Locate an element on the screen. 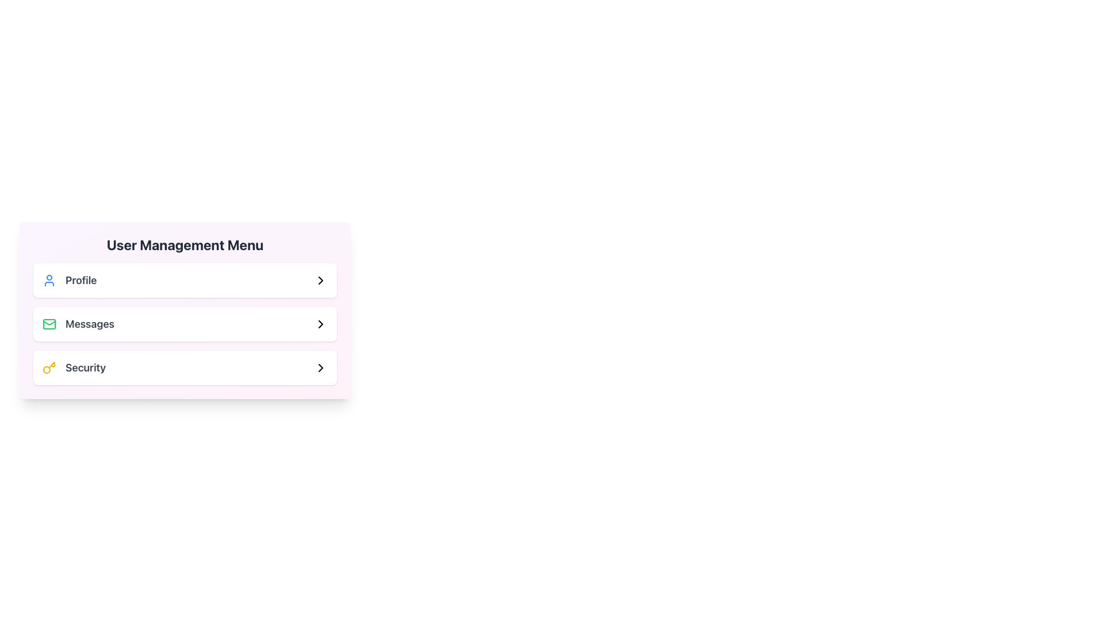 This screenshot has height=621, width=1104. text label element displaying 'Messages', which is the second item in the User Management Menu, for identification is located at coordinates (89, 324).